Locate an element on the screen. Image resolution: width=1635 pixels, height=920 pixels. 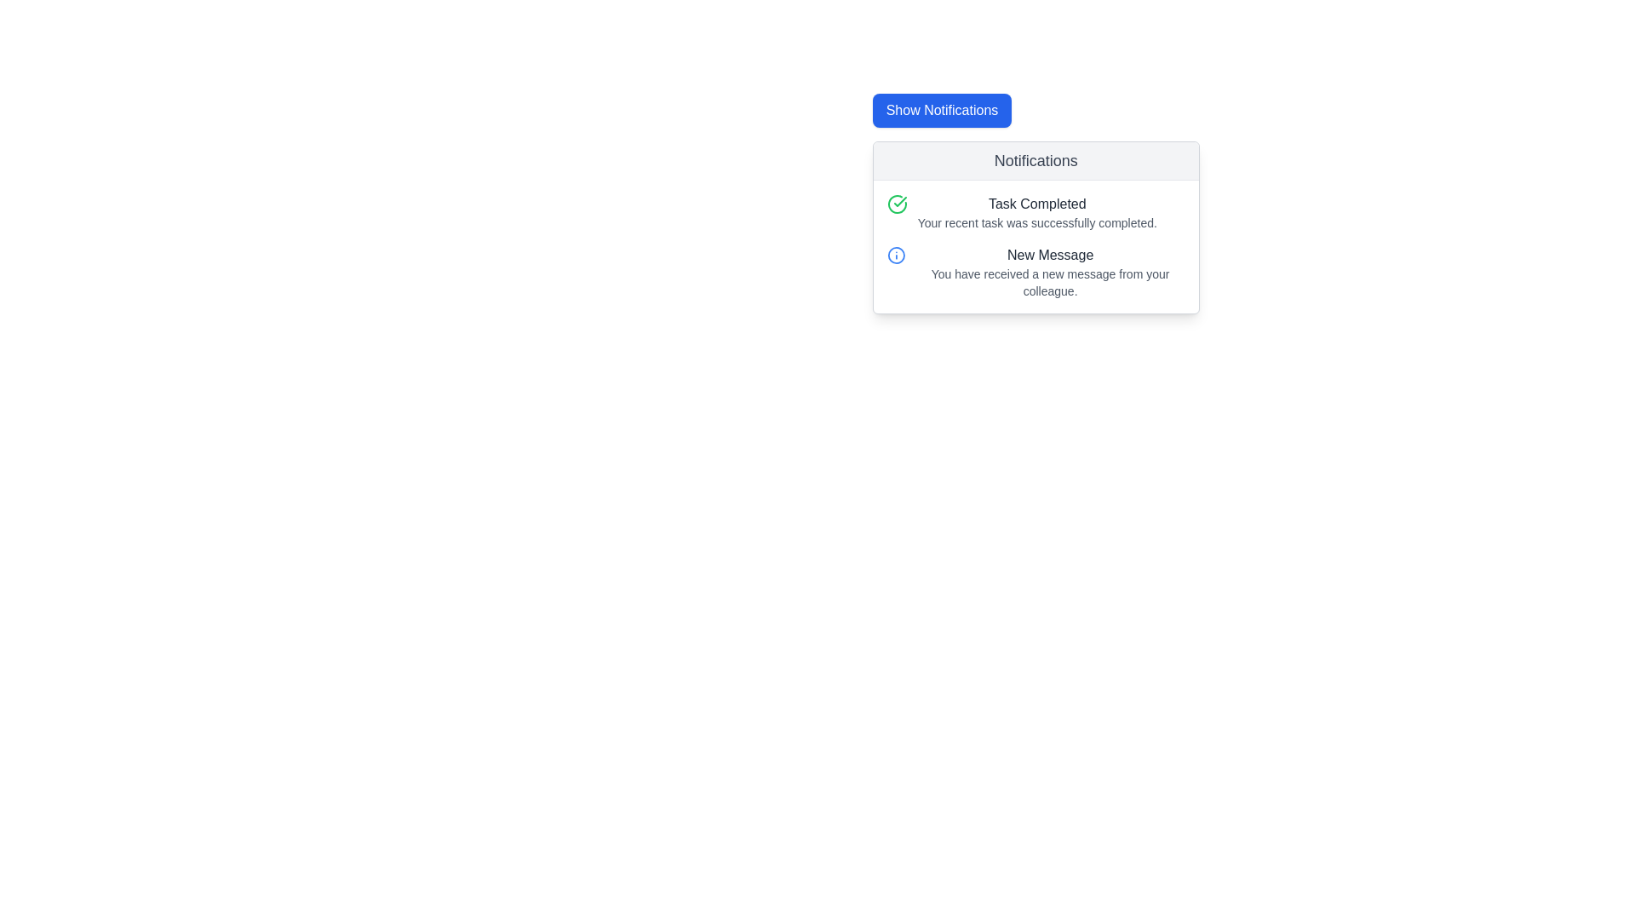
the gray notification detail text located directly below the 'New Message' header to read it is located at coordinates (1049, 281).